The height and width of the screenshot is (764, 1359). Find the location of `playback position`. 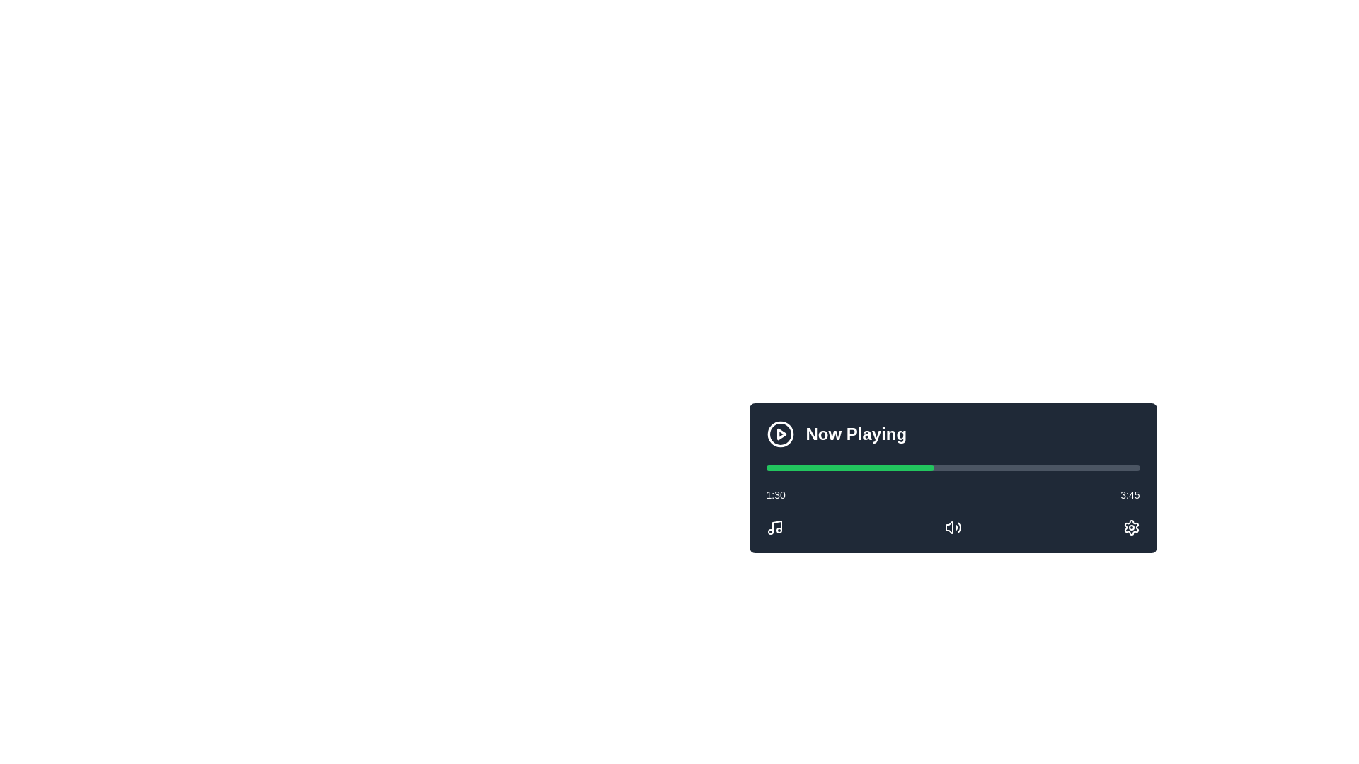

playback position is located at coordinates (866, 468).